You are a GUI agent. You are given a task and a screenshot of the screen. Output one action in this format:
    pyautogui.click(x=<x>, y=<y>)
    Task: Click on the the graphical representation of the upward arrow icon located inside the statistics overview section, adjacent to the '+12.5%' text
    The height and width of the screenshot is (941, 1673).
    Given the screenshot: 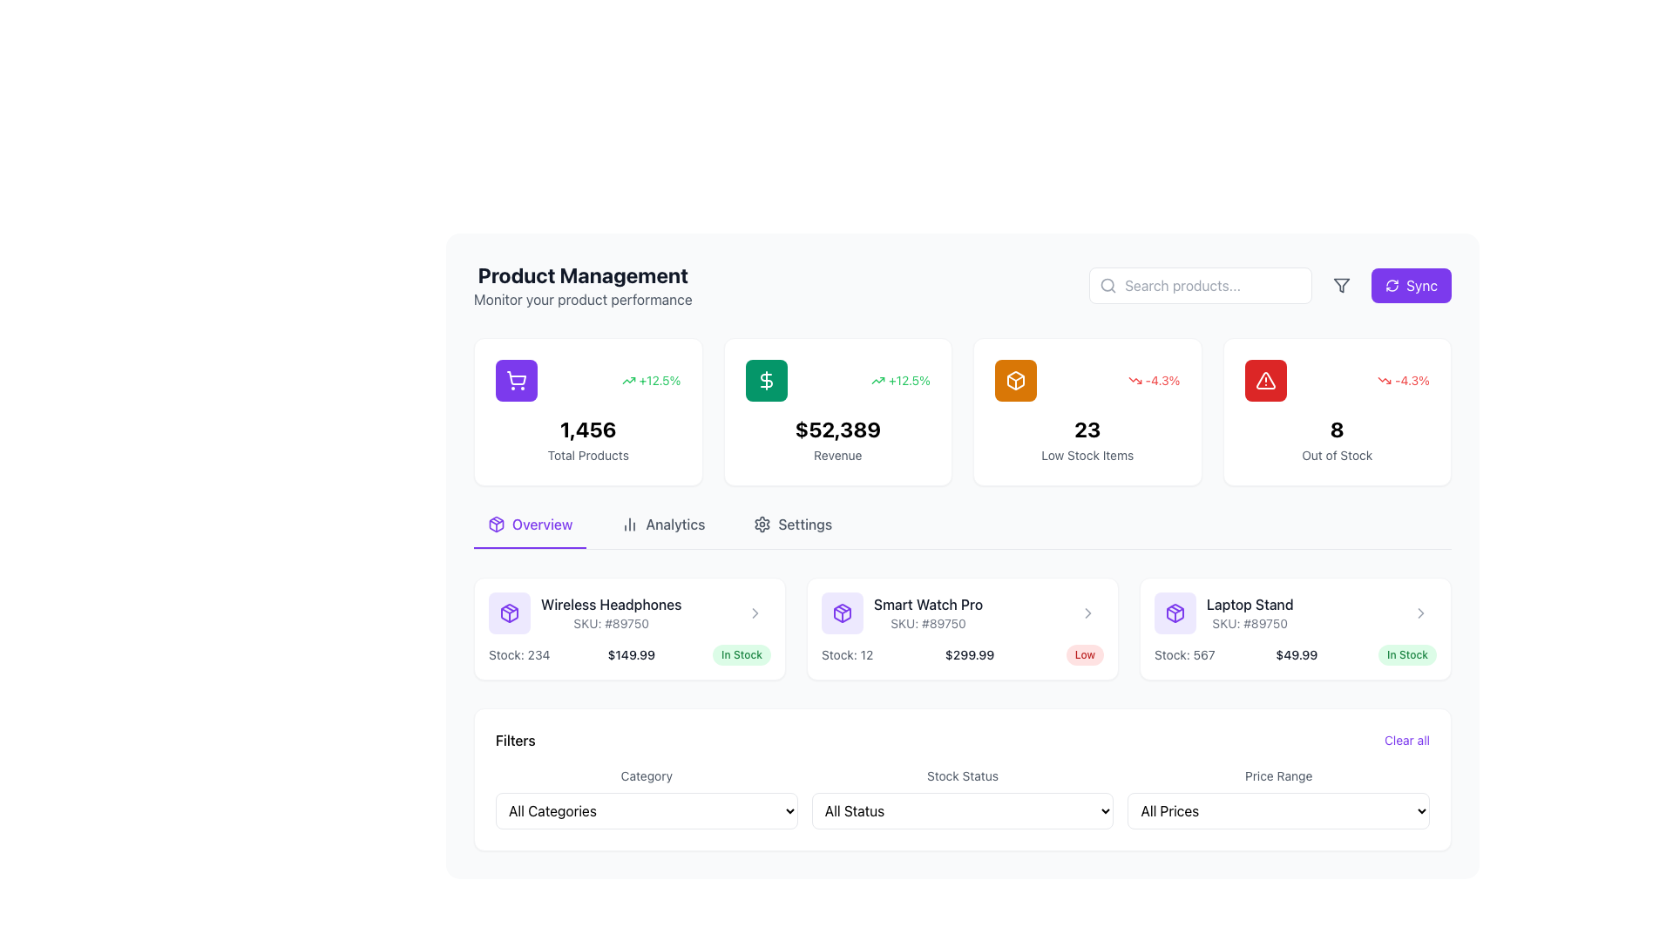 What is the action you would take?
    pyautogui.click(x=878, y=379)
    